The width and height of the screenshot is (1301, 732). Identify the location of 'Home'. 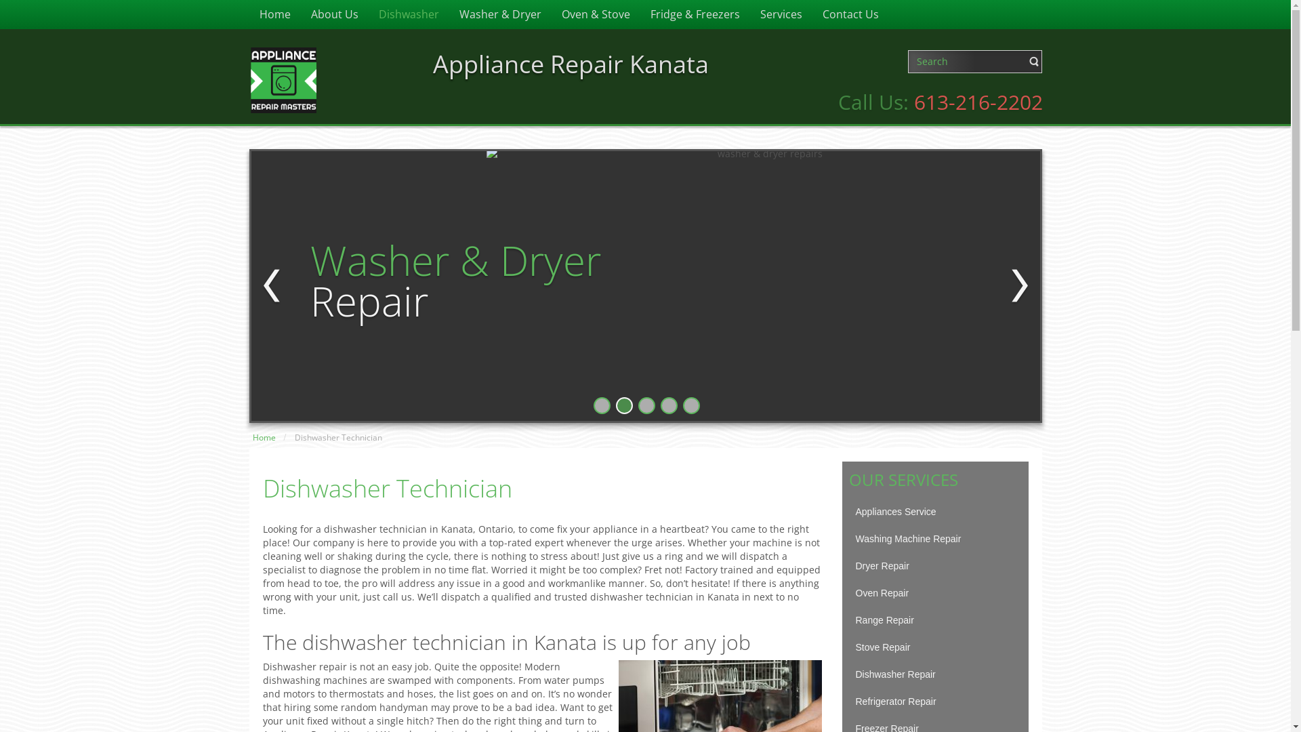
(274, 14).